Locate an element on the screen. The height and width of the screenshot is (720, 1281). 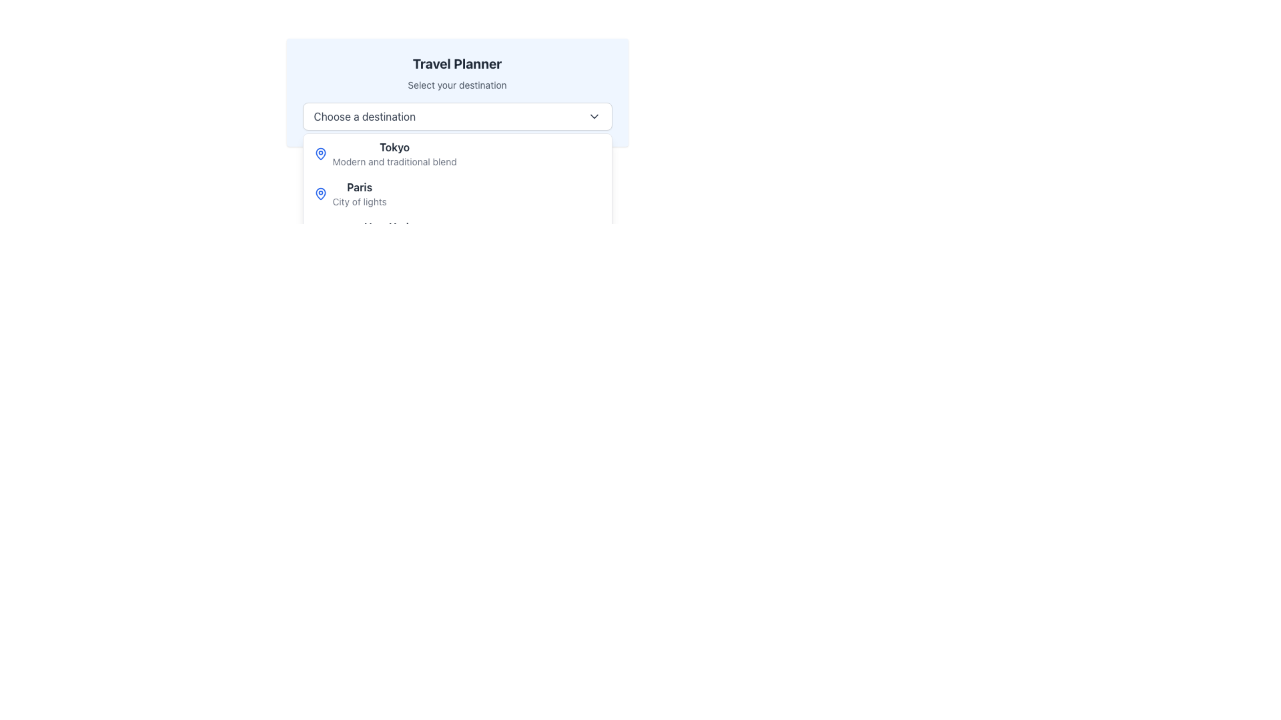
the text label containing the title 'Paris' and subtitle 'City of lights' is located at coordinates (360, 193).